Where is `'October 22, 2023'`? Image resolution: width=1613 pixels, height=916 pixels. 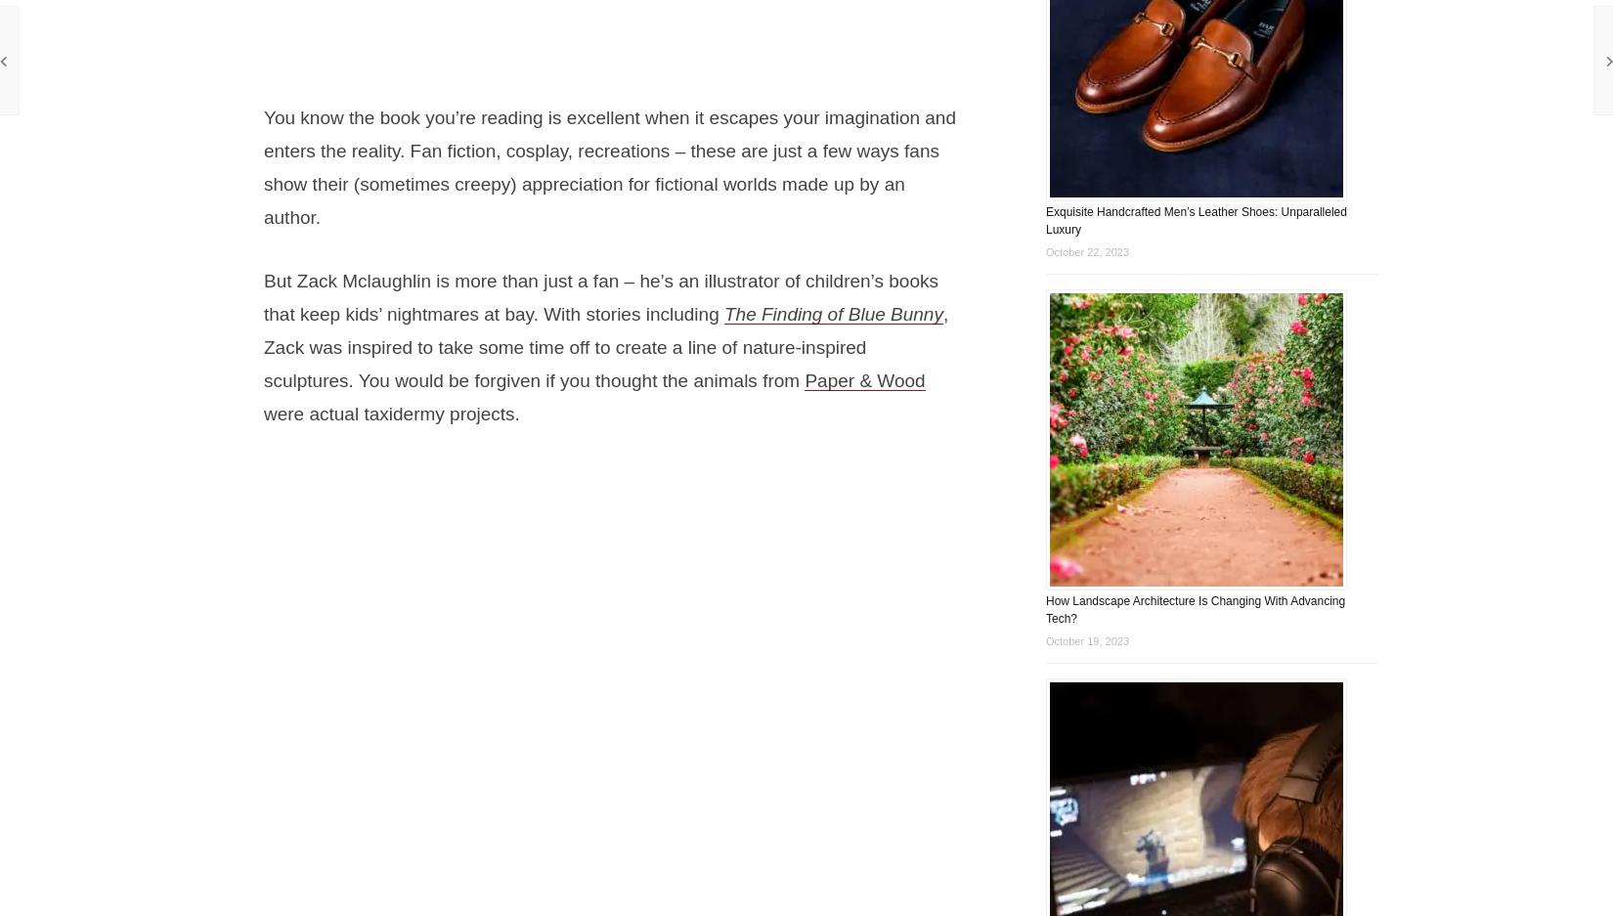 'October 22, 2023' is located at coordinates (1087, 251).